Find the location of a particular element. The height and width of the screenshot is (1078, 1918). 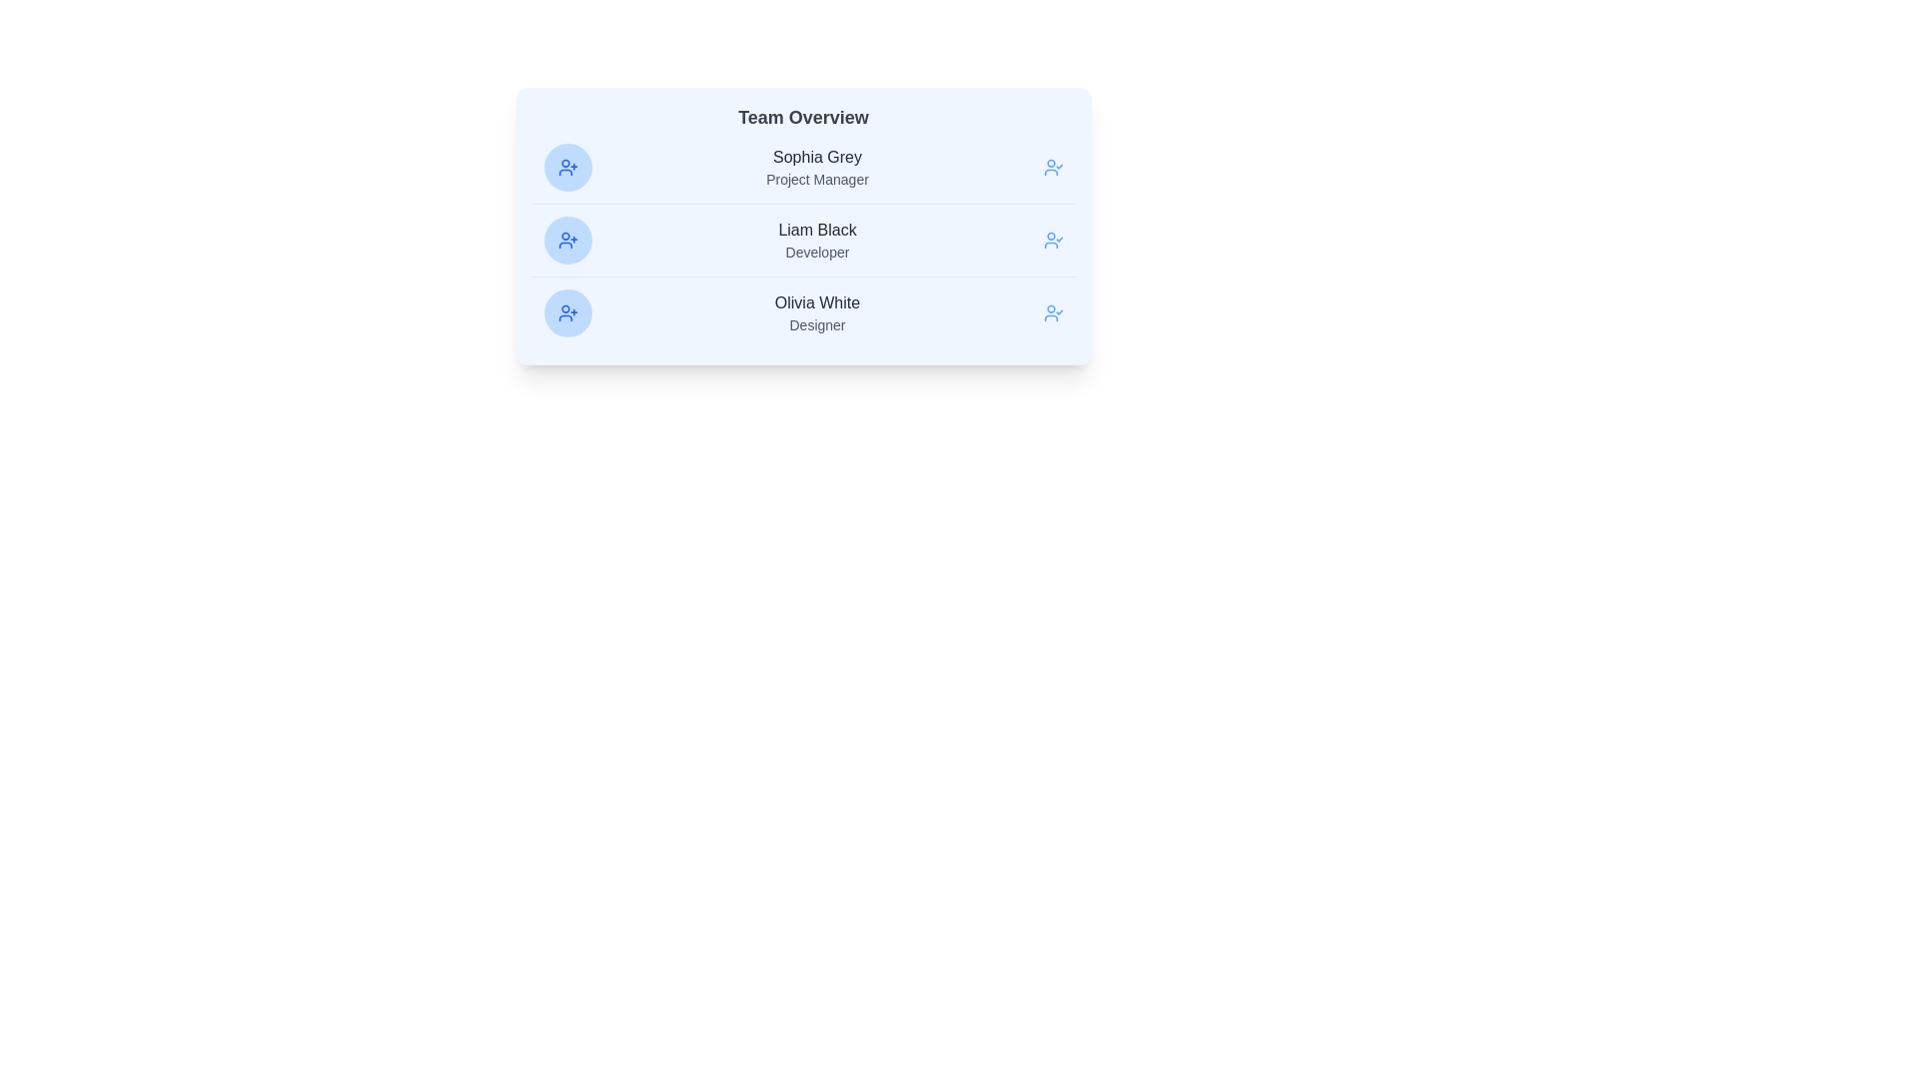

the SVG icon located at the top-left corner of the vertical list in the 'Team Overview' card is located at coordinates (566, 167).